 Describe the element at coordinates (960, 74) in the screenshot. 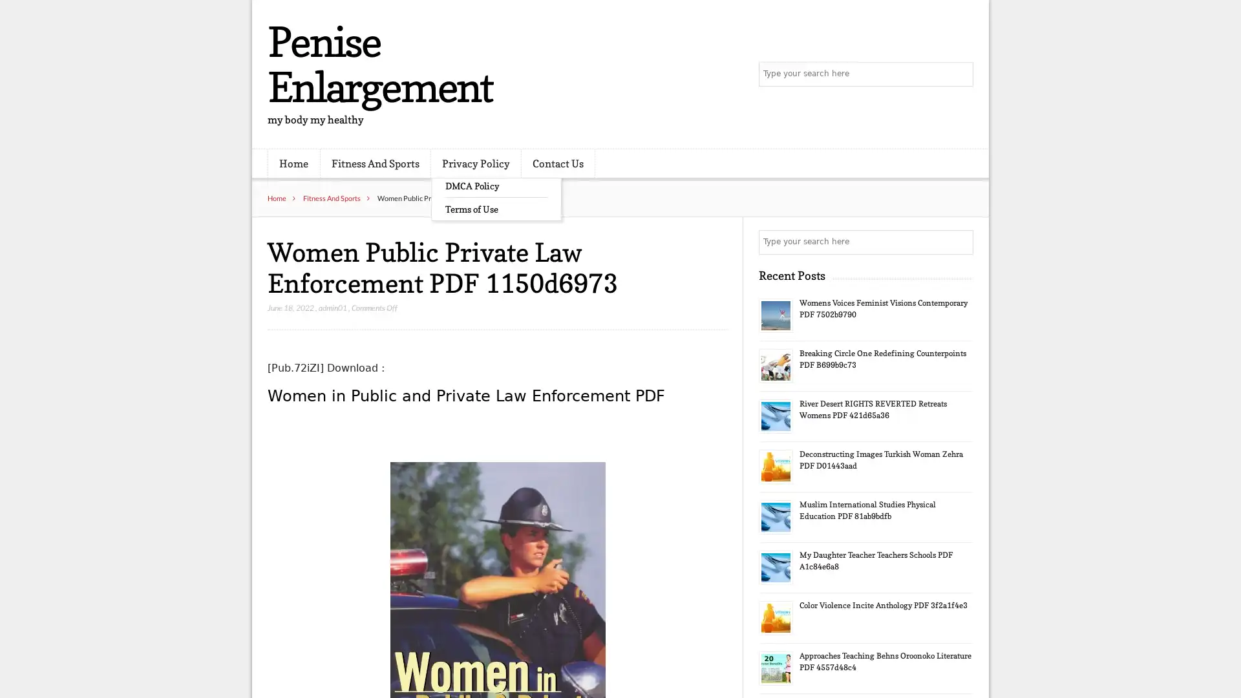

I see `Search` at that location.